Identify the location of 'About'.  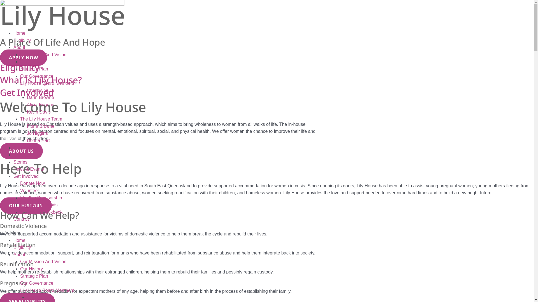
(19, 254).